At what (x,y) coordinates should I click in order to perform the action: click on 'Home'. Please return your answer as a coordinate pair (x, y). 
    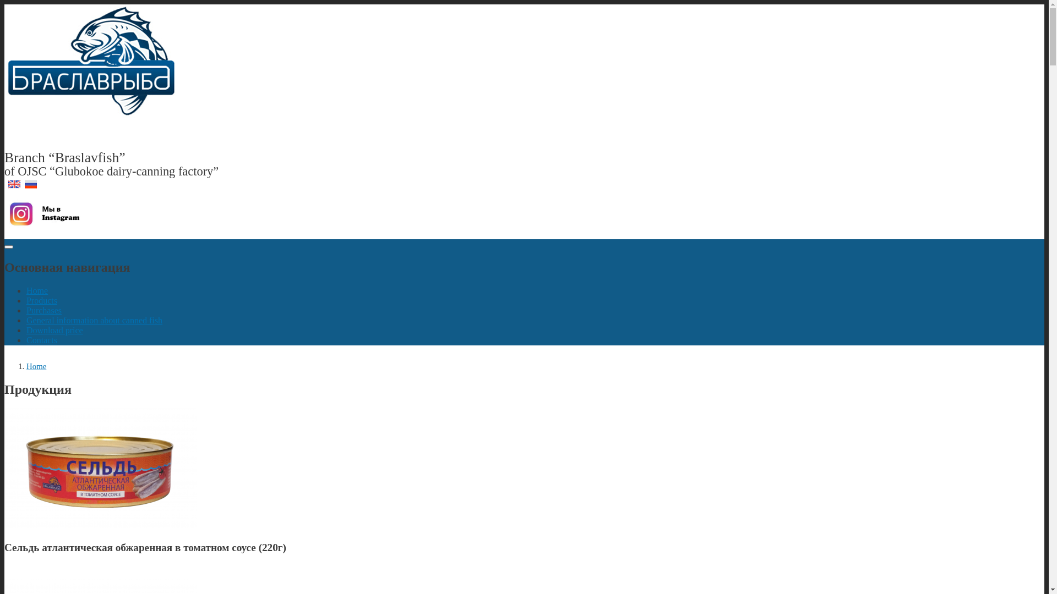
    Looking at the image, I should click on (37, 290).